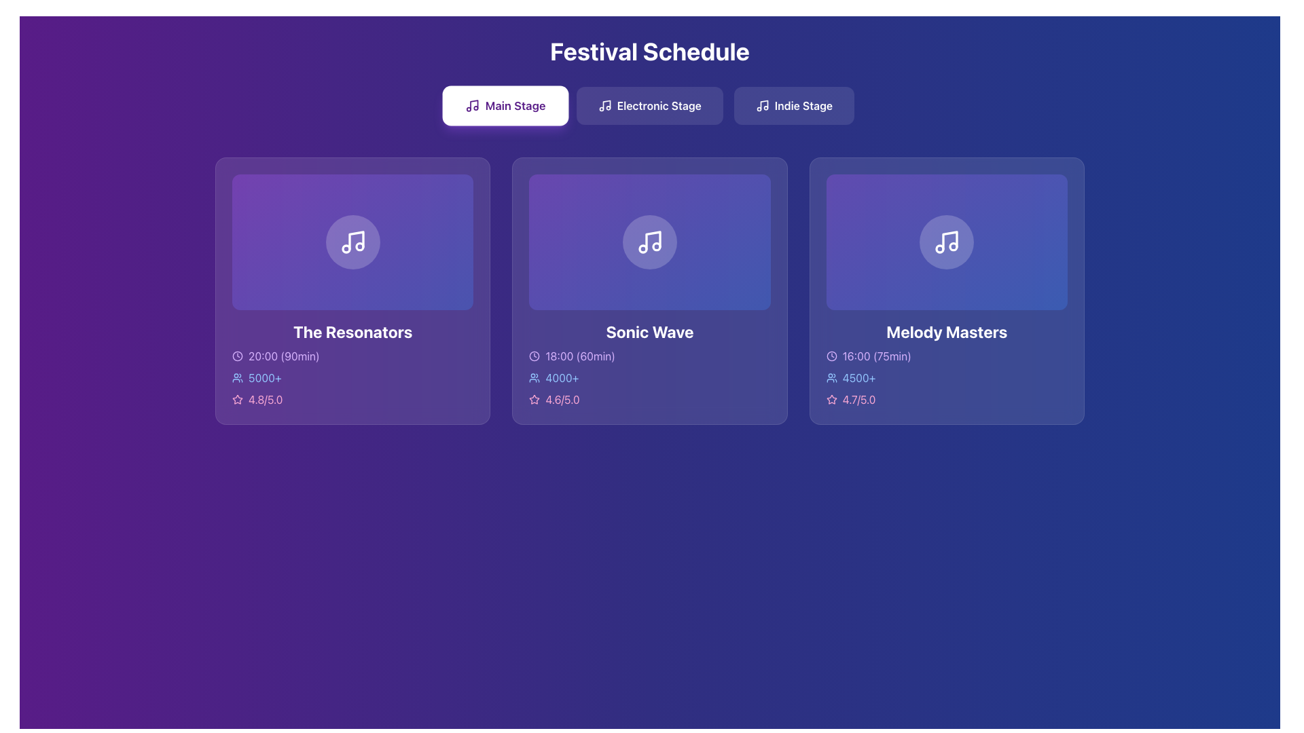 This screenshot has width=1304, height=733. I want to click on text label displaying 'Indie Stage' which is styled with capitalization and presented in a white font against a bluish background, located at the top right section of the interface, so click(803, 105).